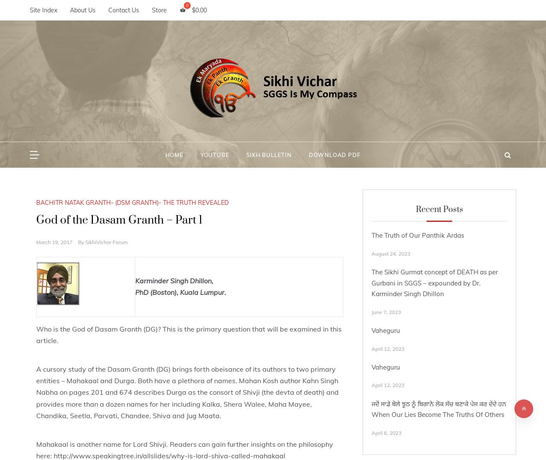 Image resolution: width=546 pixels, height=460 pixels. What do you see at coordinates (123, 10) in the screenshot?
I see `'Contact Us'` at bounding box center [123, 10].